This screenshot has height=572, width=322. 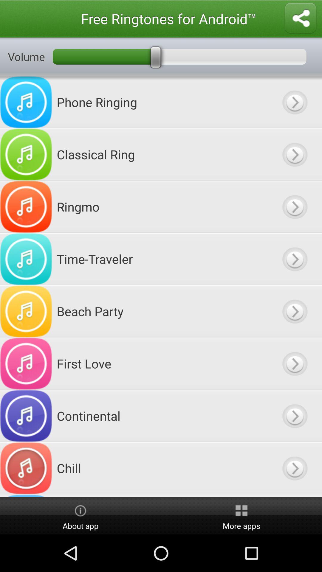 What do you see at coordinates (300, 18) in the screenshot?
I see `share the app with other 's` at bounding box center [300, 18].